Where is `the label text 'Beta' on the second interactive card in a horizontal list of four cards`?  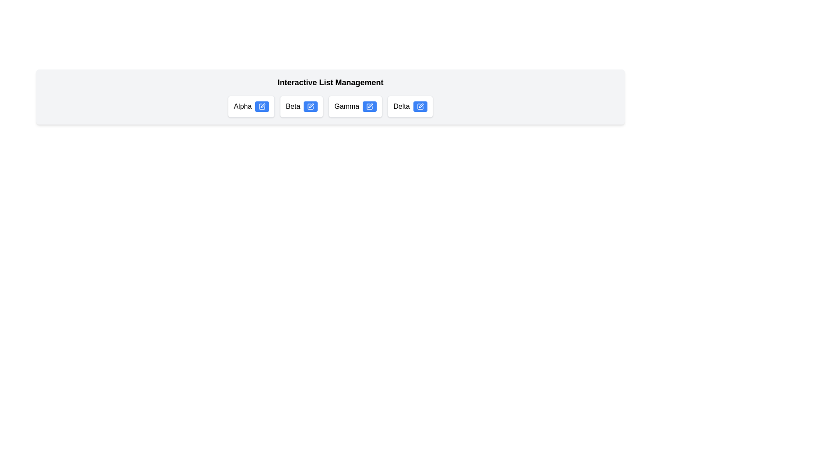
the label text 'Beta' on the second interactive card in a horizontal list of four cards is located at coordinates (301, 106).